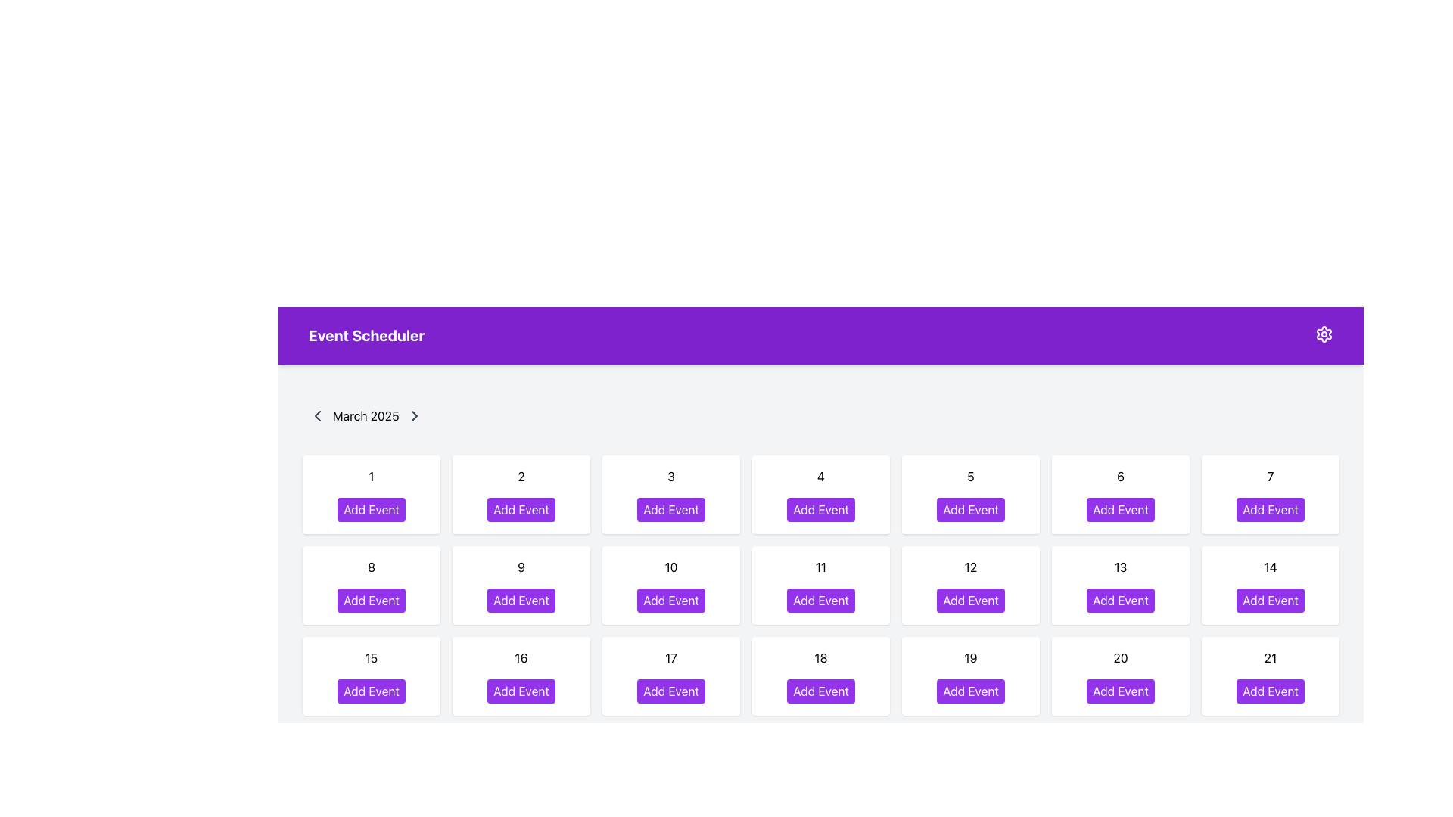 This screenshot has height=817, width=1453. Describe the element at coordinates (670, 600) in the screenshot. I see `the 'Add Event' button, which is a rectangular button with rounded corners, purple background, and white text, to observe any visual effects` at that location.